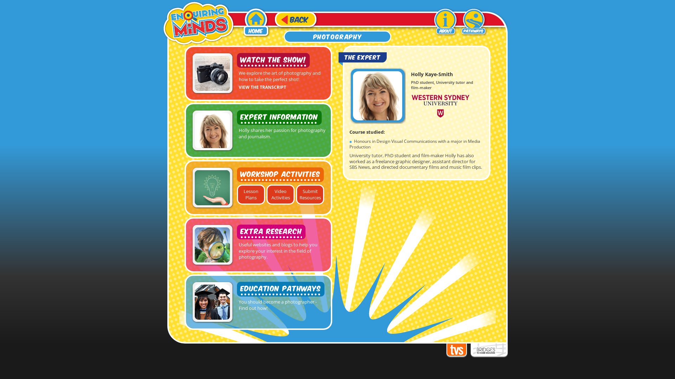 The width and height of the screenshot is (675, 379). What do you see at coordinates (440, 106) in the screenshot?
I see `'WSU-Trans_Logo-56px'` at bounding box center [440, 106].